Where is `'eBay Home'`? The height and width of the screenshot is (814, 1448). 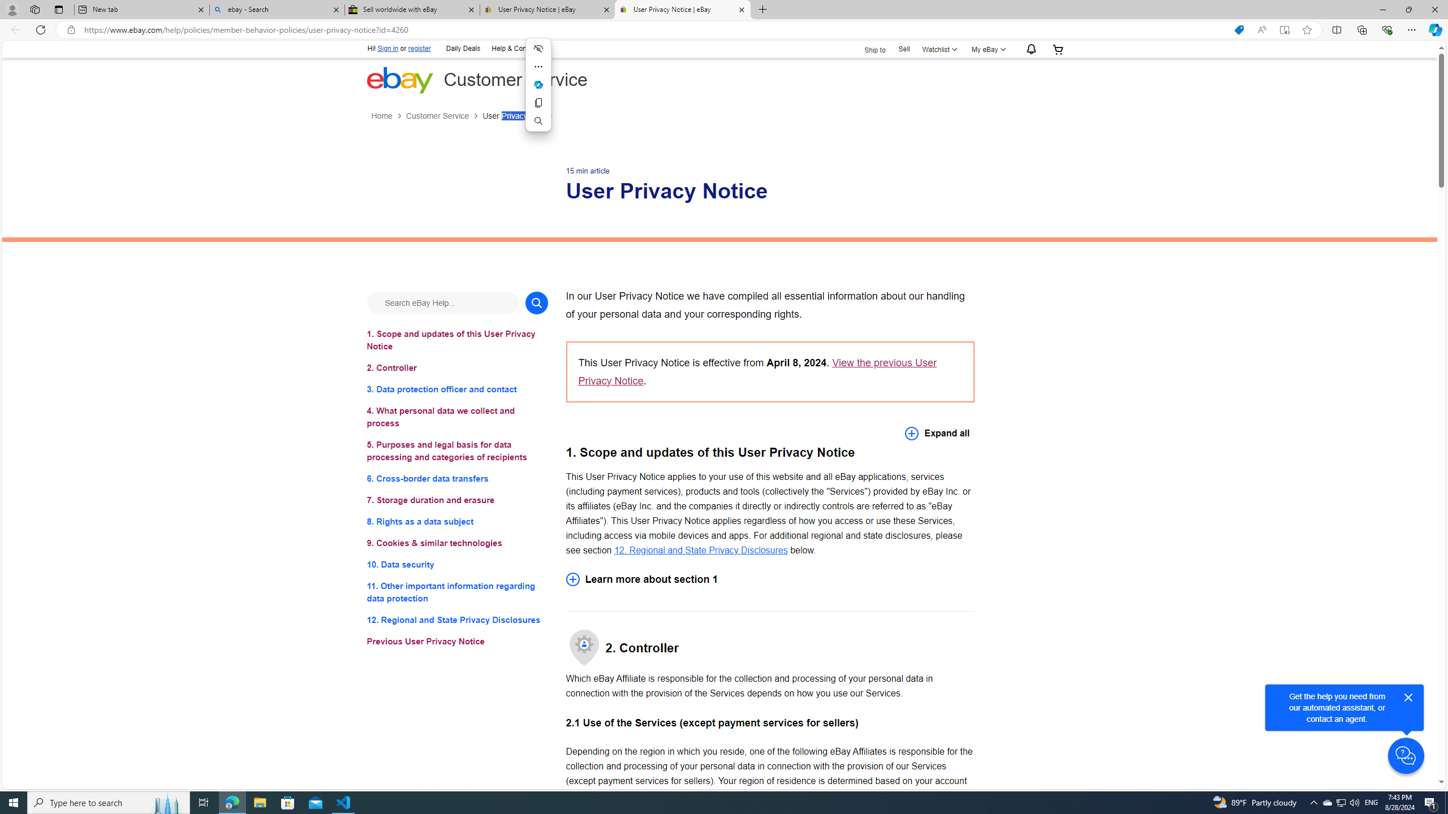 'eBay Home' is located at coordinates (399, 80).